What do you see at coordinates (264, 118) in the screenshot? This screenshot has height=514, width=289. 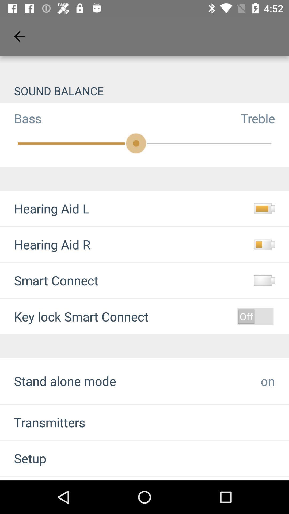 I see `treble icon` at bounding box center [264, 118].